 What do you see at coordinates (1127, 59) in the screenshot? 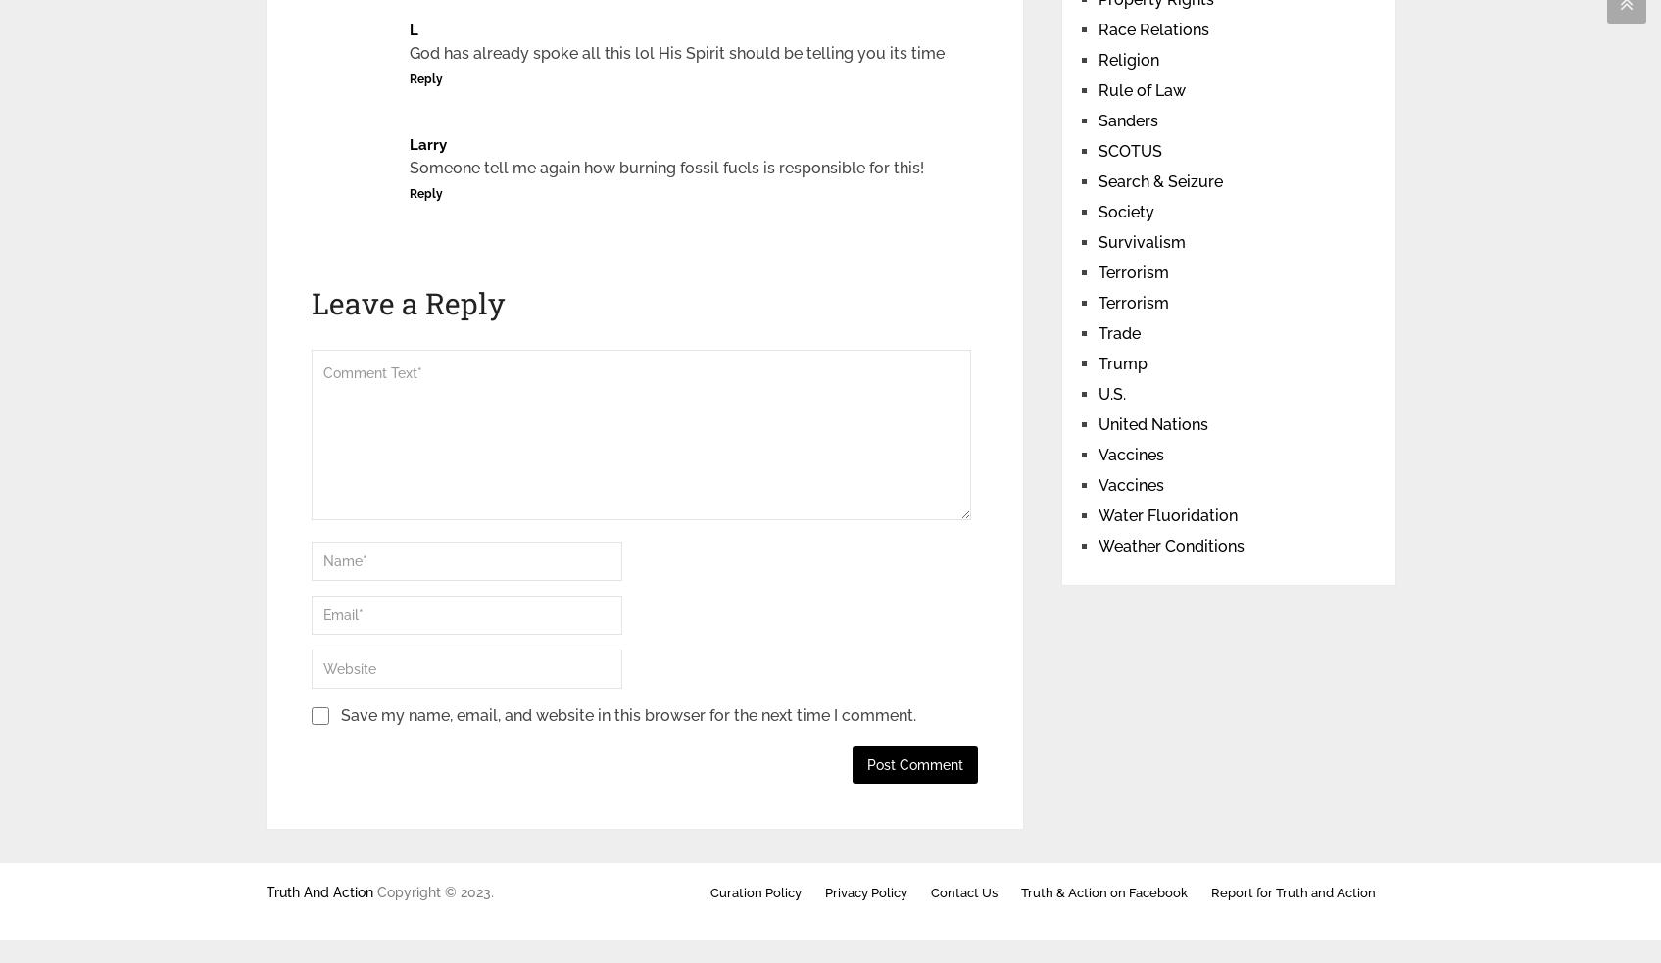
I see `'Religion'` at bounding box center [1127, 59].